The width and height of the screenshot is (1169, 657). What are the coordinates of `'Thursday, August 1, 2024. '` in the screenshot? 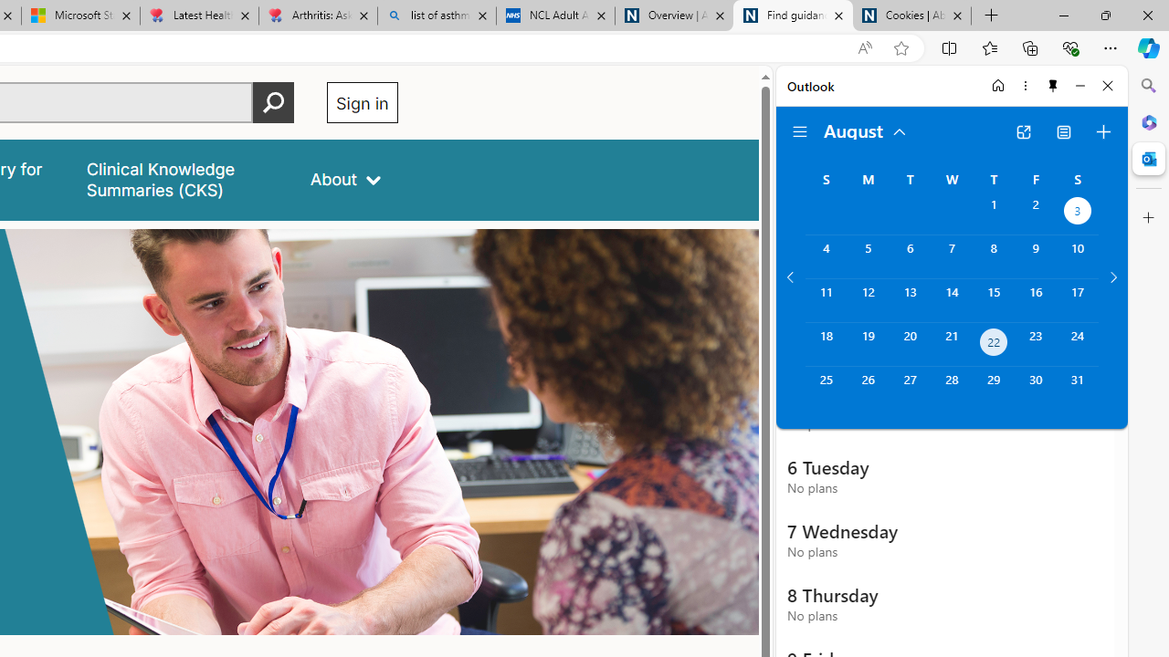 It's located at (993, 212).